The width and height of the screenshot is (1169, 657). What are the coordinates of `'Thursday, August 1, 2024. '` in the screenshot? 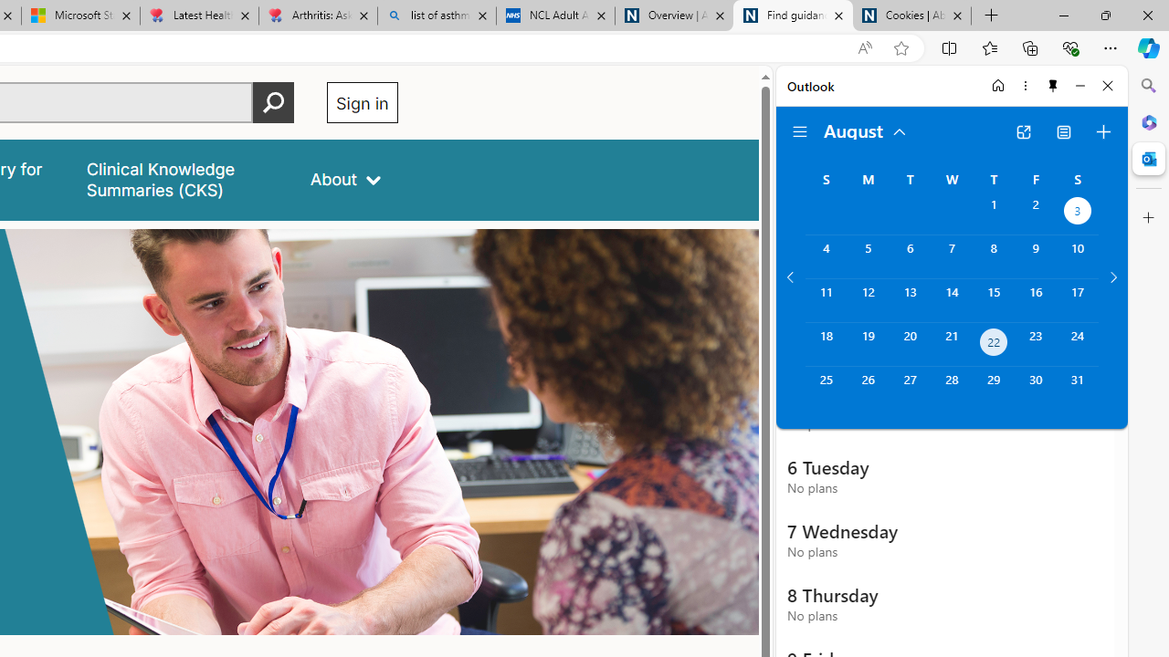 It's located at (993, 212).